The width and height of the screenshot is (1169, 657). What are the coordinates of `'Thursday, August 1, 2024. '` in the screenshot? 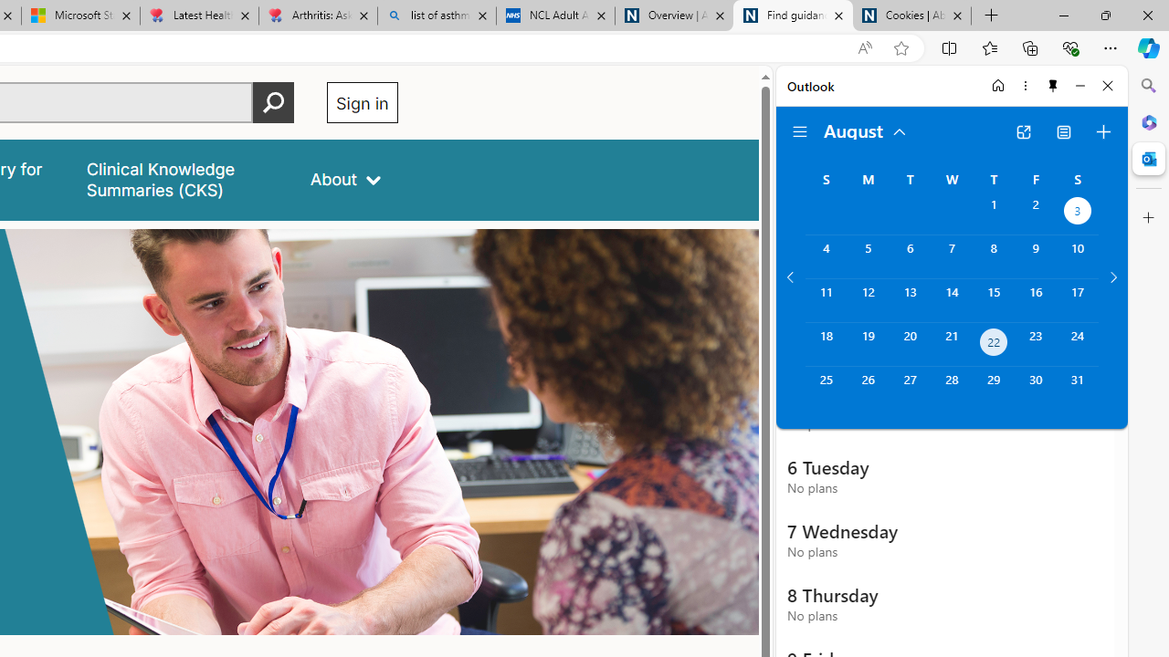 It's located at (993, 212).